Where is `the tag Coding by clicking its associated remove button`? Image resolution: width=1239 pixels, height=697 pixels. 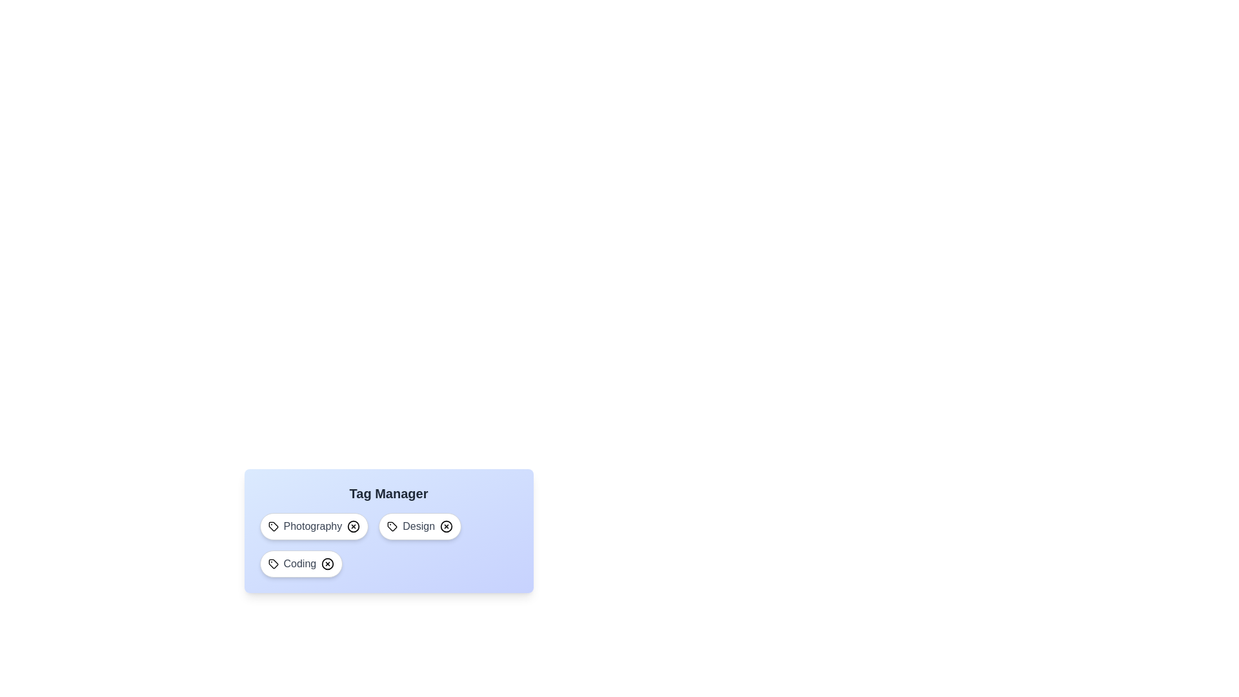
the tag Coding by clicking its associated remove button is located at coordinates (328, 563).